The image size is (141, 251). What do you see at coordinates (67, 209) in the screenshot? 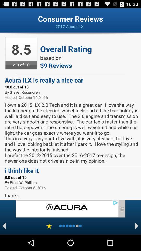
I see `this option advertisement` at bounding box center [67, 209].